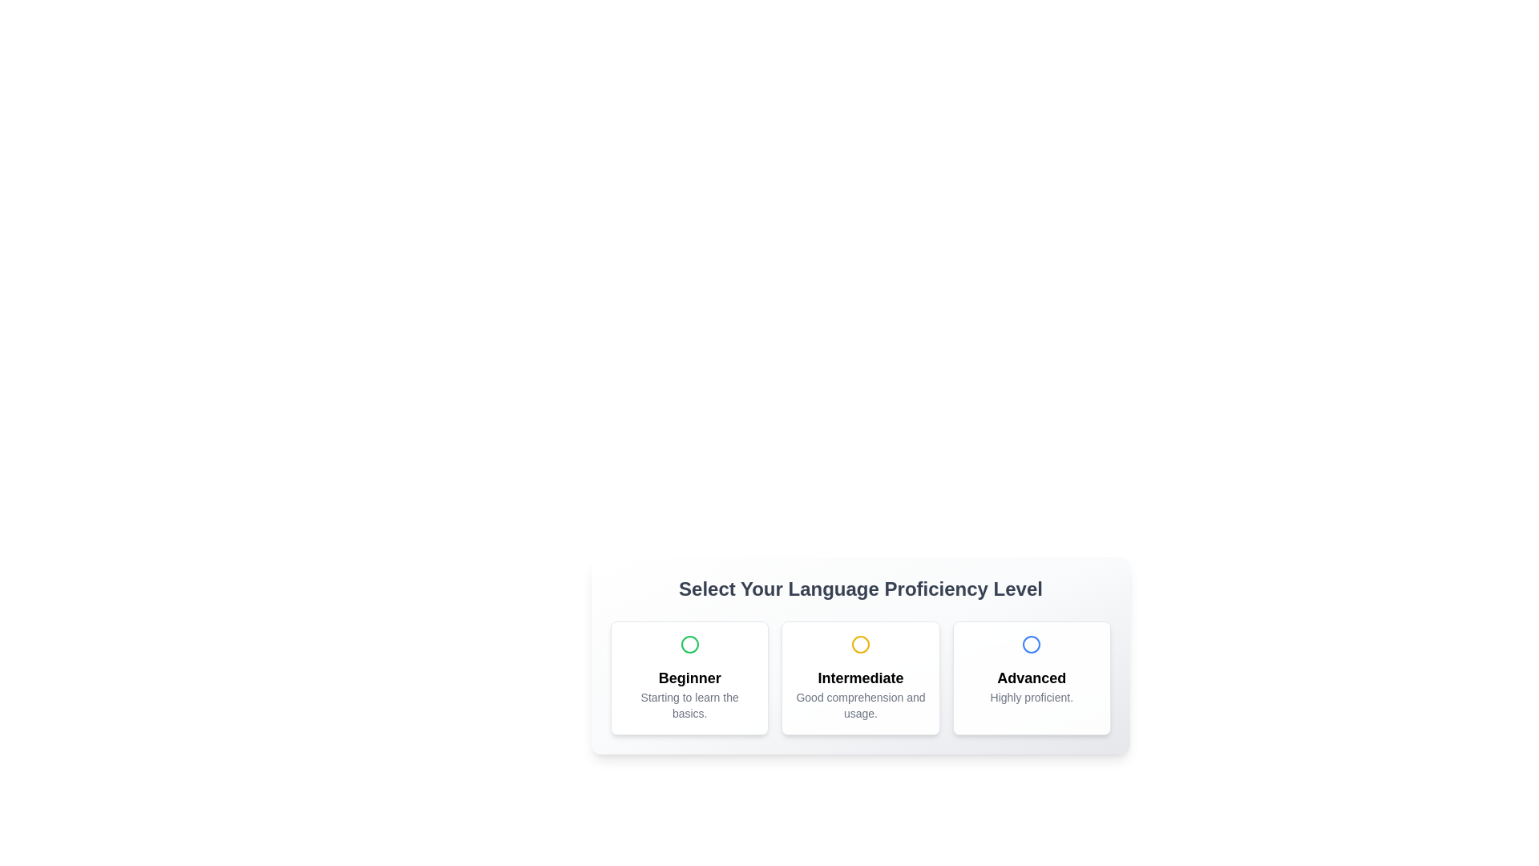 This screenshot has width=1539, height=866. What do you see at coordinates (1032, 643) in the screenshot?
I see `the Decorative icon representing the 'Advanced' proficiency level, which is aligned with the 'Advanced' label in the bottom-right area of the display` at bounding box center [1032, 643].